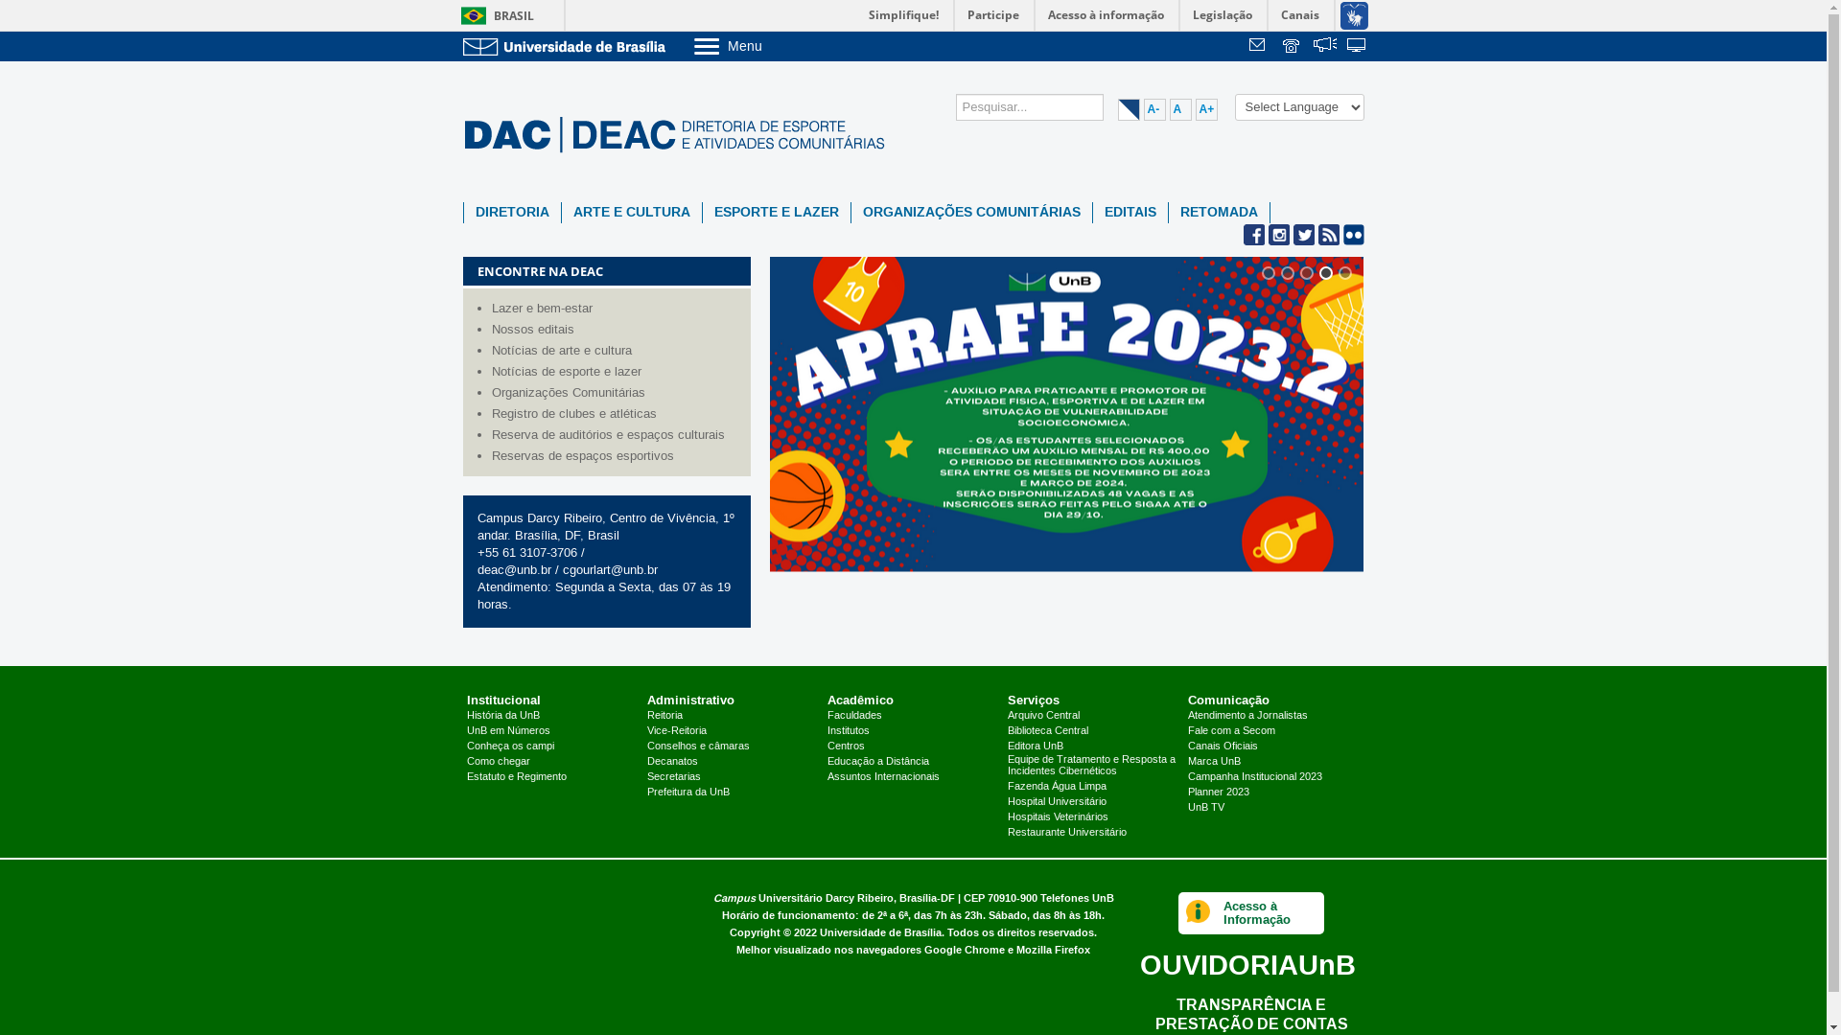 The width and height of the screenshot is (1841, 1035). What do you see at coordinates (1231, 731) in the screenshot?
I see `'Fale com a Secom'` at bounding box center [1231, 731].